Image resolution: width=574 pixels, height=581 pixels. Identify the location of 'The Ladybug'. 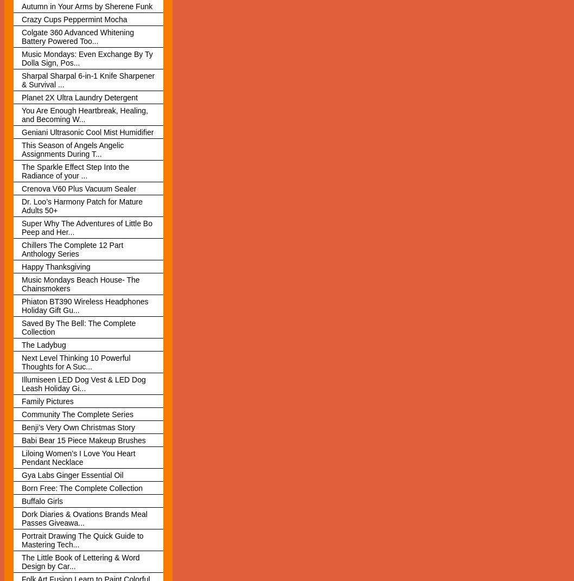
(21, 343).